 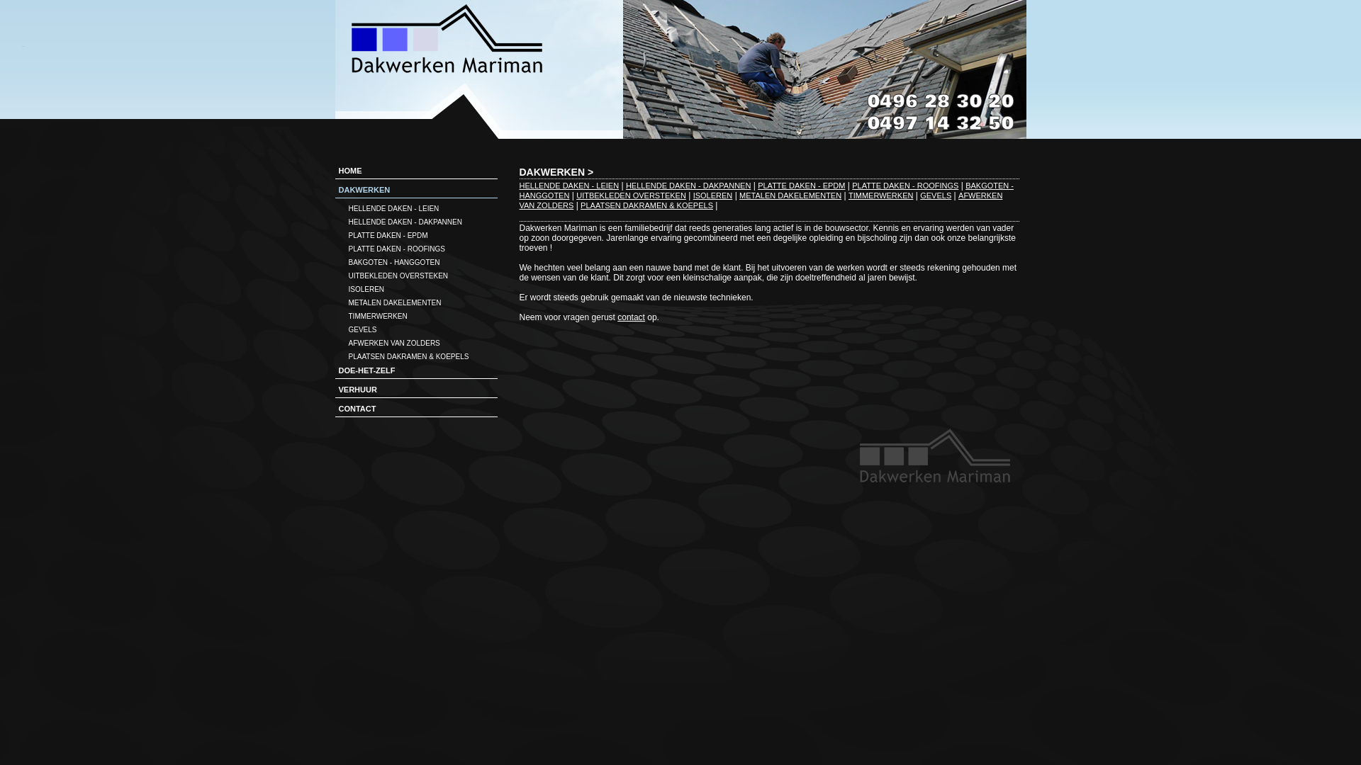 I want to click on 'HELLENDE DAKEN - DAKPANNEN', so click(x=413, y=221).